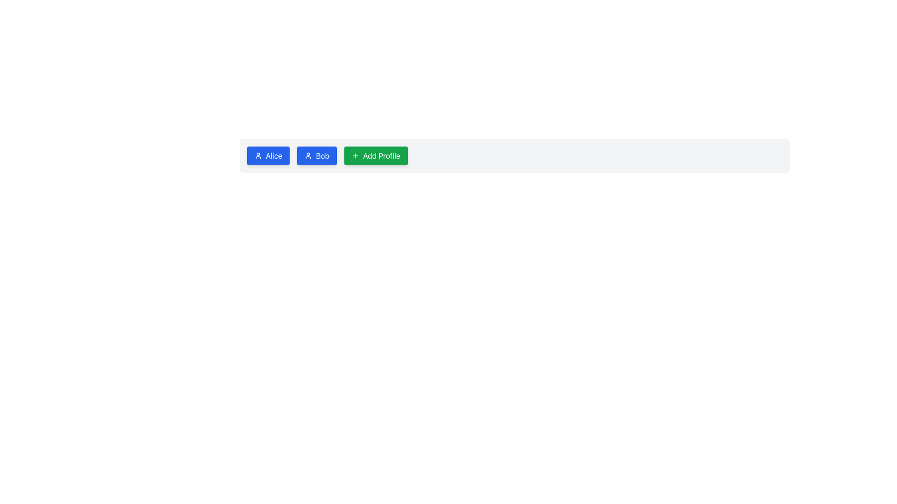  I want to click on the button labeled 'Alice' with a blue background and white text, so click(268, 155).